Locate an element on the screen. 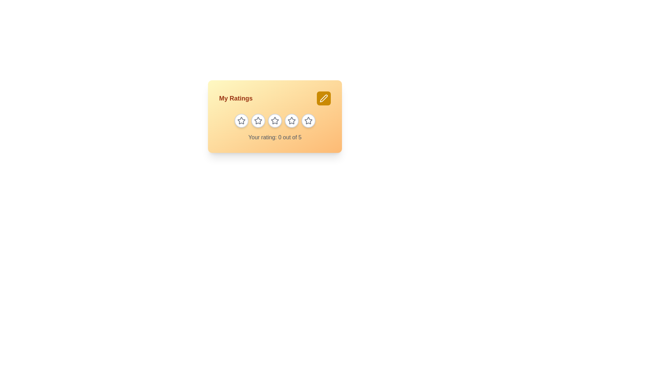 The image size is (670, 377). the fourth circular rating button in the 5-star rating system located in the 'My Ratings' card is located at coordinates (291, 120).